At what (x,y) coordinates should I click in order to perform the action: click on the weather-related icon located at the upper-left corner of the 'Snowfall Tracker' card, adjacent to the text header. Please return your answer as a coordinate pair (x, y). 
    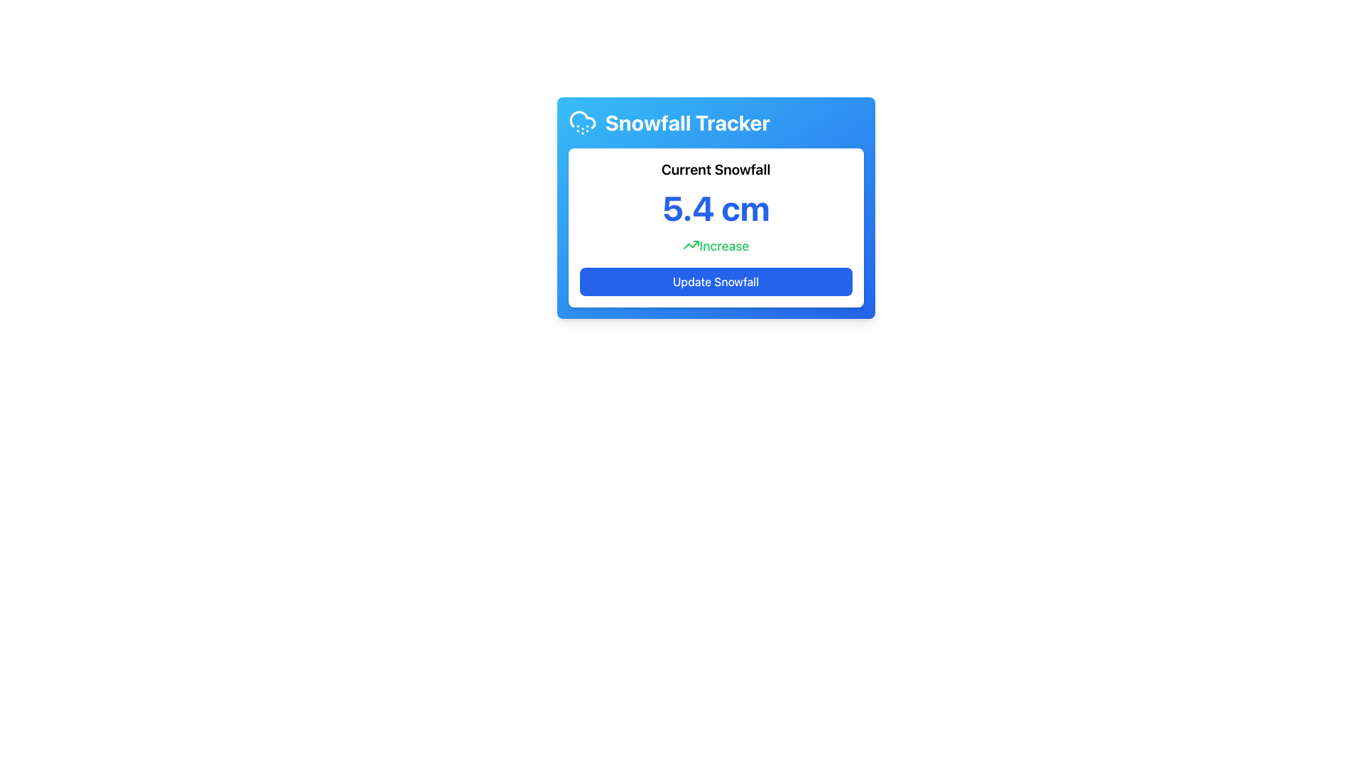
    Looking at the image, I should click on (582, 119).